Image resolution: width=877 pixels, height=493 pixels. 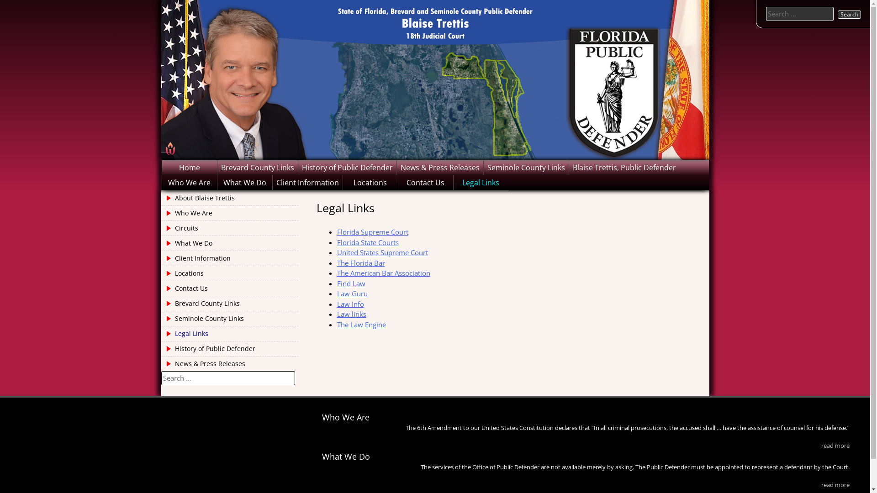 I want to click on 'Seminole County Links', so click(x=482, y=167).